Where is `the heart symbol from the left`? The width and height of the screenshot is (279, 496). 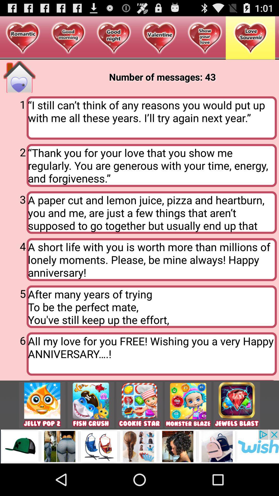 the heart symbol from the left is located at coordinates (22, 38).